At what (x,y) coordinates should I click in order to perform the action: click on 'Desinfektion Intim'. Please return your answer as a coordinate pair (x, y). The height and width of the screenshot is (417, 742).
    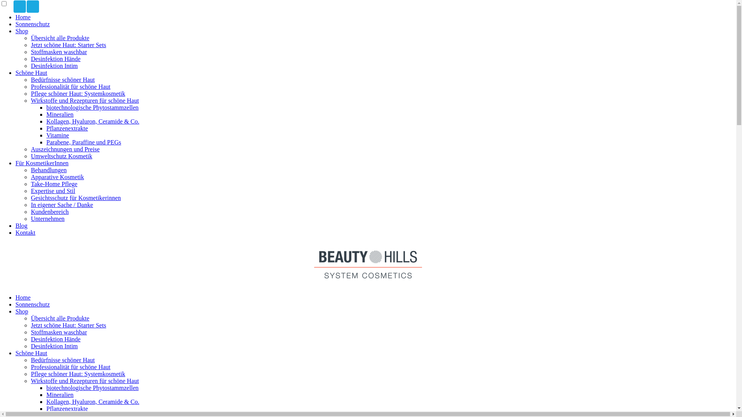
    Looking at the image, I should click on (54, 346).